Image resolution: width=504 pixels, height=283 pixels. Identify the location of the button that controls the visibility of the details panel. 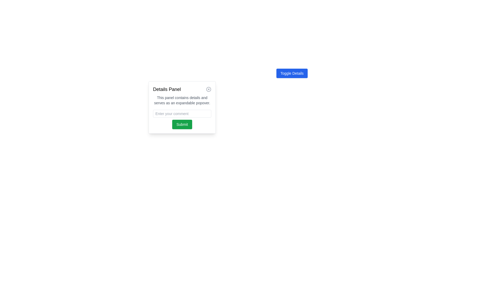
(292, 73).